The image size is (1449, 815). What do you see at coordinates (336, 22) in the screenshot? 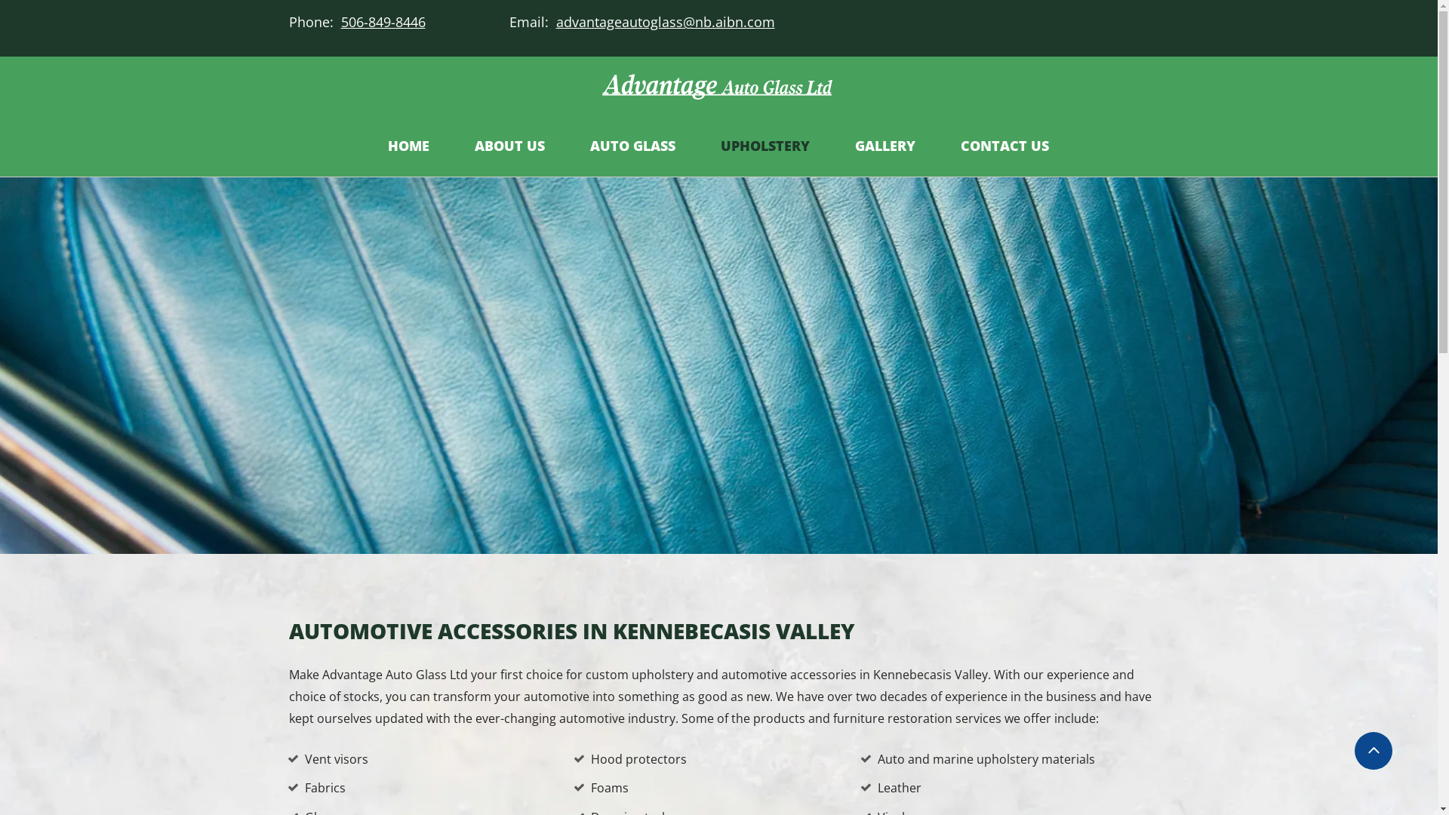
I see `'506-849-8446'` at bounding box center [336, 22].